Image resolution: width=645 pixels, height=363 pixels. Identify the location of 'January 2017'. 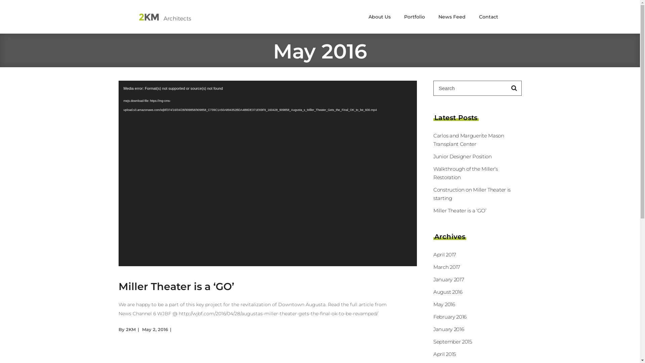
(433, 279).